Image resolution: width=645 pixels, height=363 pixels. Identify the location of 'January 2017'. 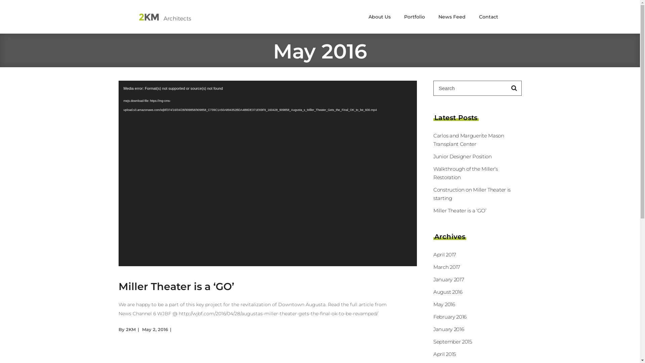
(433, 279).